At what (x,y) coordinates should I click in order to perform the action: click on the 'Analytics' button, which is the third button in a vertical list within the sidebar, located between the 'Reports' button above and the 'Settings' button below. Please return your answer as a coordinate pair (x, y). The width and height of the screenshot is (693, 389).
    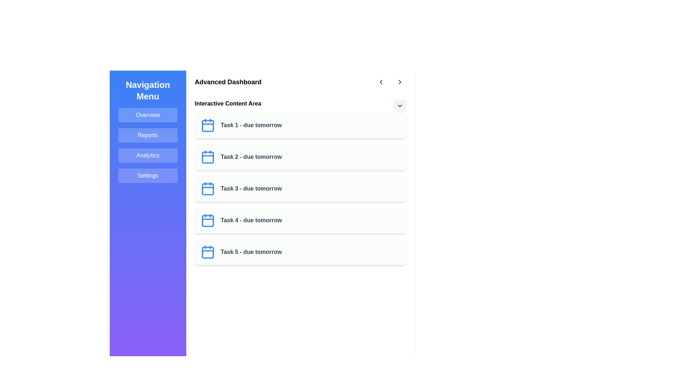
    Looking at the image, I should click on (147, 155).